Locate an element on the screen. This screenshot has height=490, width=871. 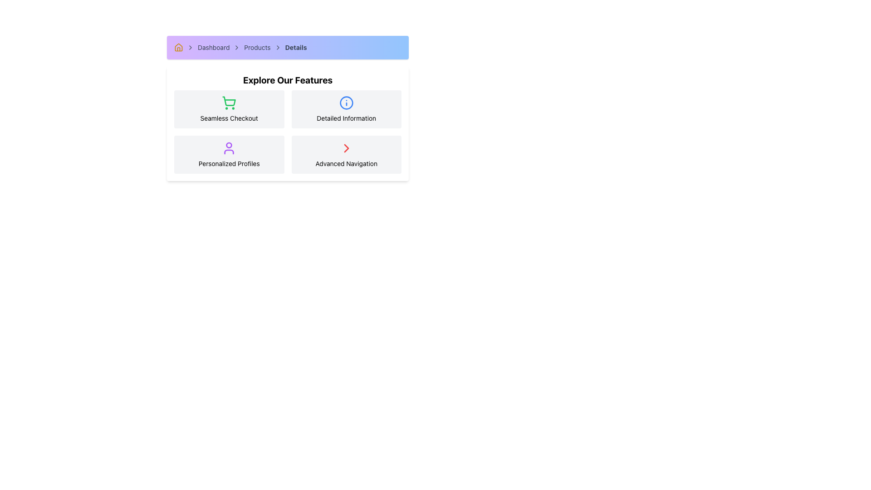
informational text label located in the middle-left rectangular card below the green shopping cart icon is located at coordinates (229, 118).